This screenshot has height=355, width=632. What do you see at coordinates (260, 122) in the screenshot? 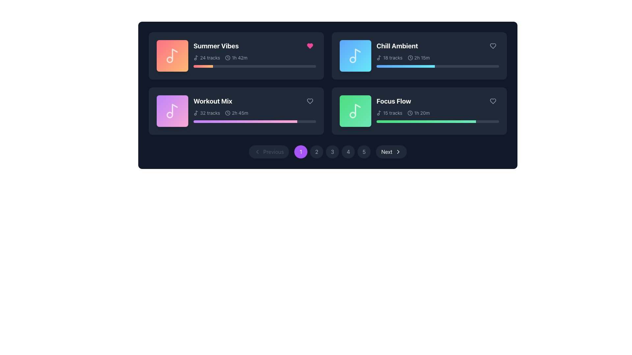
I see `progress` at bounding box center [260, 122].